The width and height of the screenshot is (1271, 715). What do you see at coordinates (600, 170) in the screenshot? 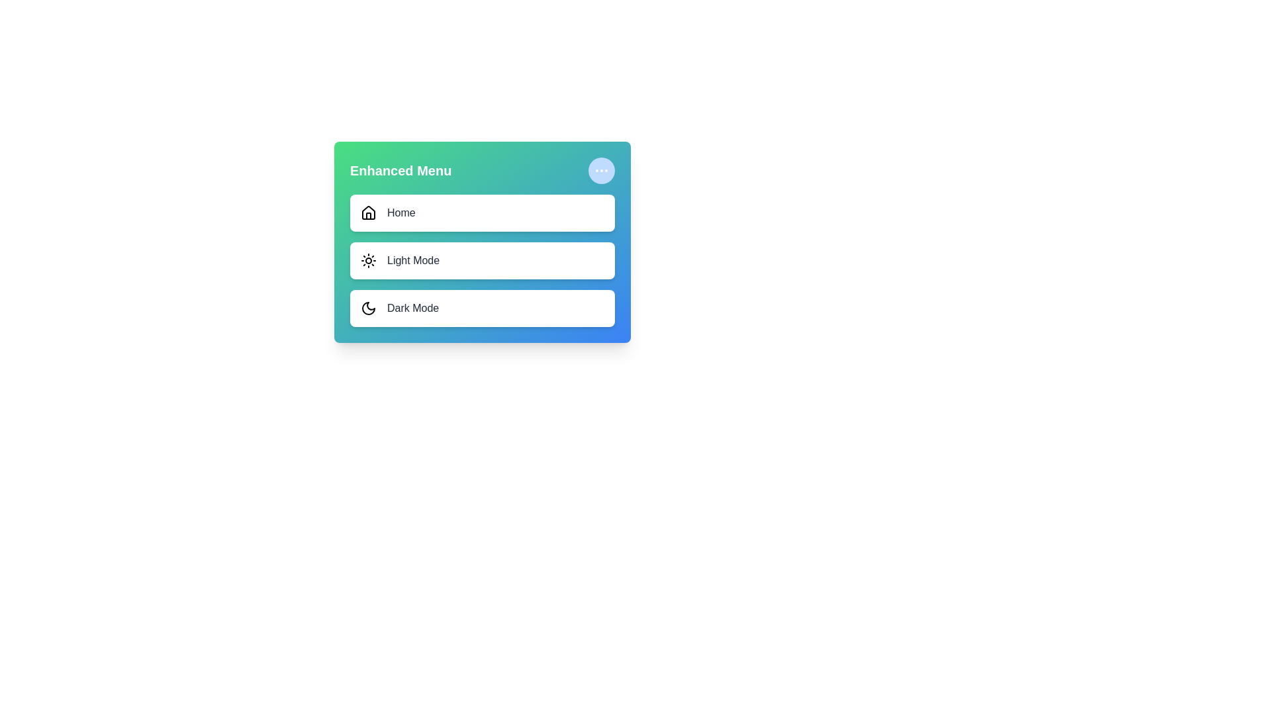
I see `the expand/collapse button to toggle the menu visibility` at bounding box center [600, 170].